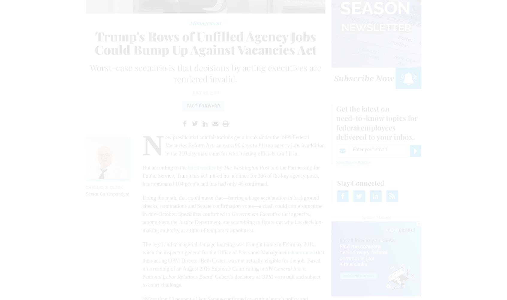  Describe the element at coordinates (165, 167) in the screenshot. I see `'But according to the'` at that location.